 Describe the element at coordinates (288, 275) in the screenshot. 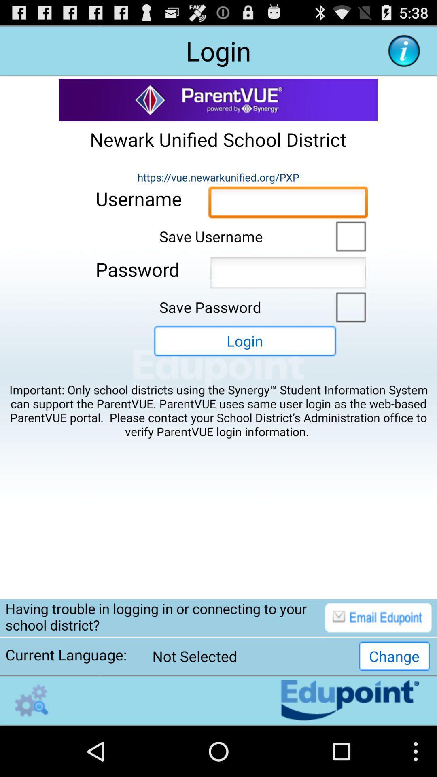

I see `allow text input` at that location.